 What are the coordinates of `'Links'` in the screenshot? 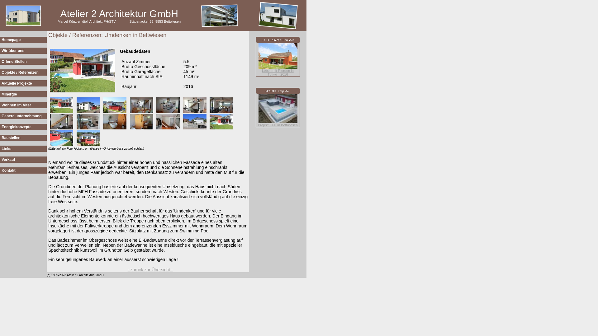 It's located at (6, 149).